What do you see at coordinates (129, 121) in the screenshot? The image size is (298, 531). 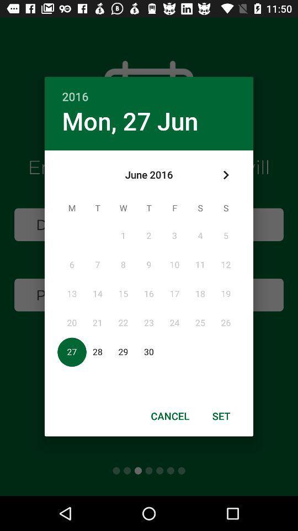 I see `the item below 2016 icon` at bounding box center [129, 121].